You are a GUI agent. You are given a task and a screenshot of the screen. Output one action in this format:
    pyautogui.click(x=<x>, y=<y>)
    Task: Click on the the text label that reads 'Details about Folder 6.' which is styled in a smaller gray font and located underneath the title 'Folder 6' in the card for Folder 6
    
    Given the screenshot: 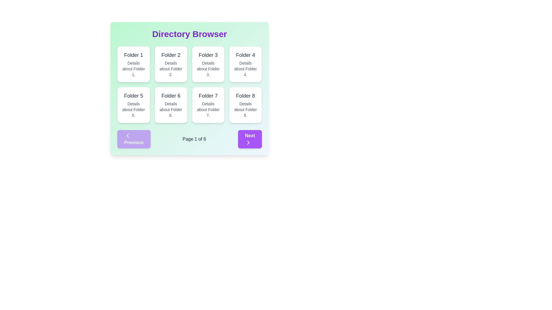 What is the action you would take?
    pyautogui.click(x=170, y=109)
    